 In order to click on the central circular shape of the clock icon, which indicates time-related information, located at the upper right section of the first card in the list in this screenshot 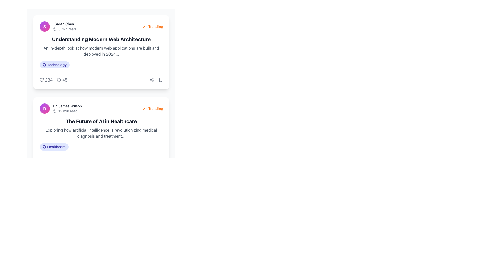, I will do `click(55, 29)`.